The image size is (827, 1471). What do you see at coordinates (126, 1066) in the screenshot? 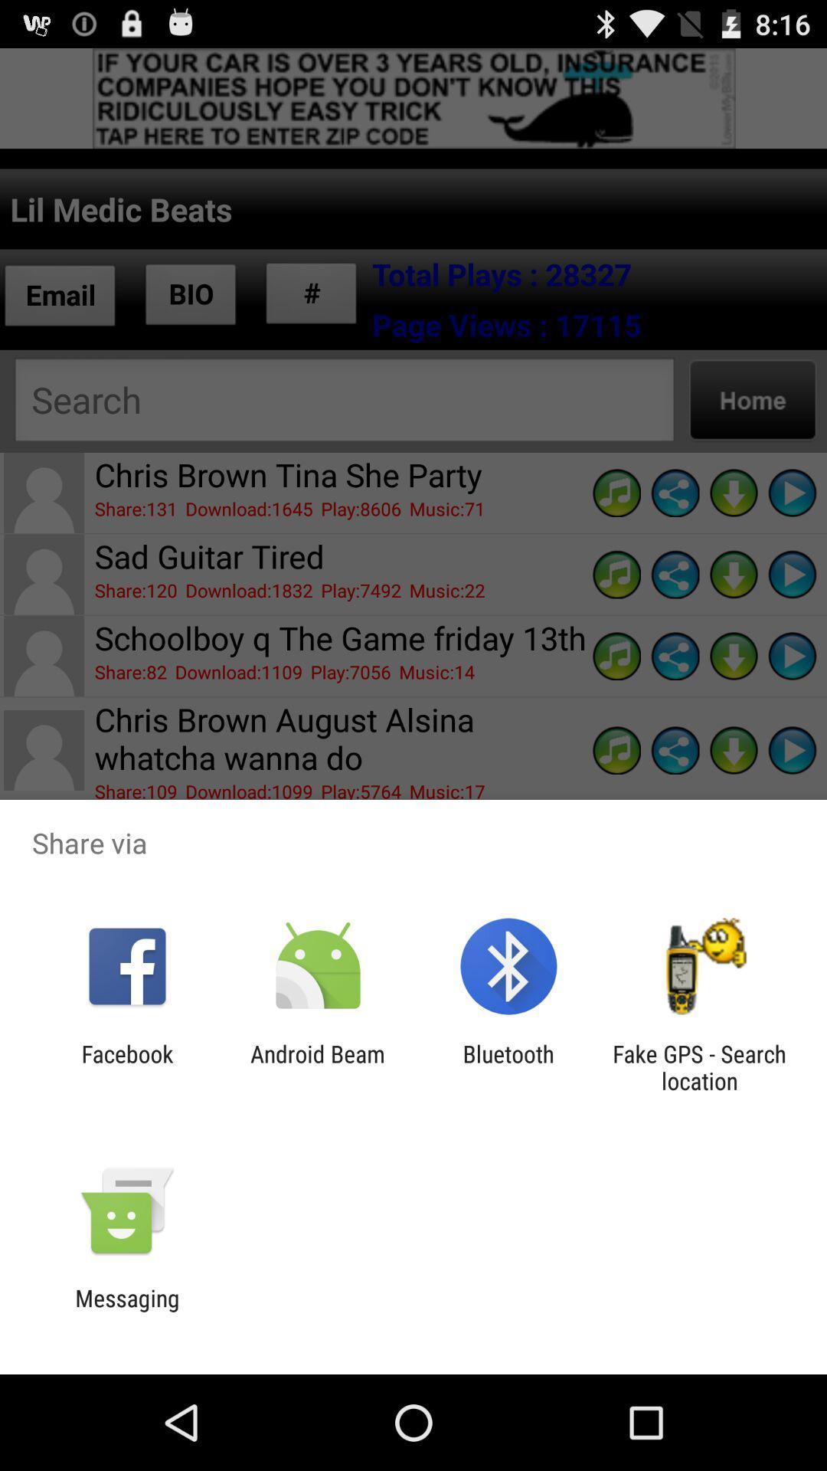
I see `icon to the left of the android beam app` at bounding box center [126, 1066].